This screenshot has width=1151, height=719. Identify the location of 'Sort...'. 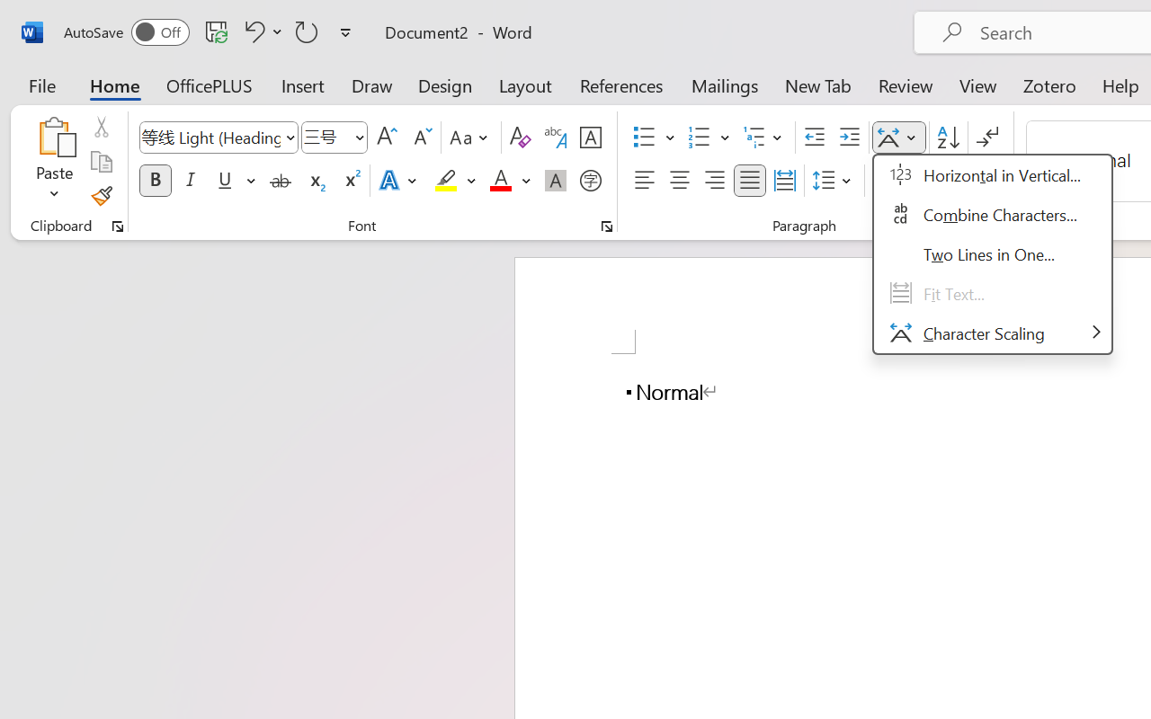
(947, 138).